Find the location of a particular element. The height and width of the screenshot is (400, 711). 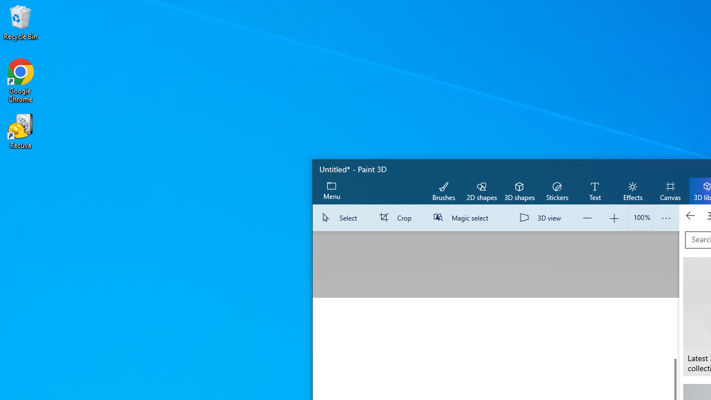

'Zoom slider' is located at coordinates (640, 218).